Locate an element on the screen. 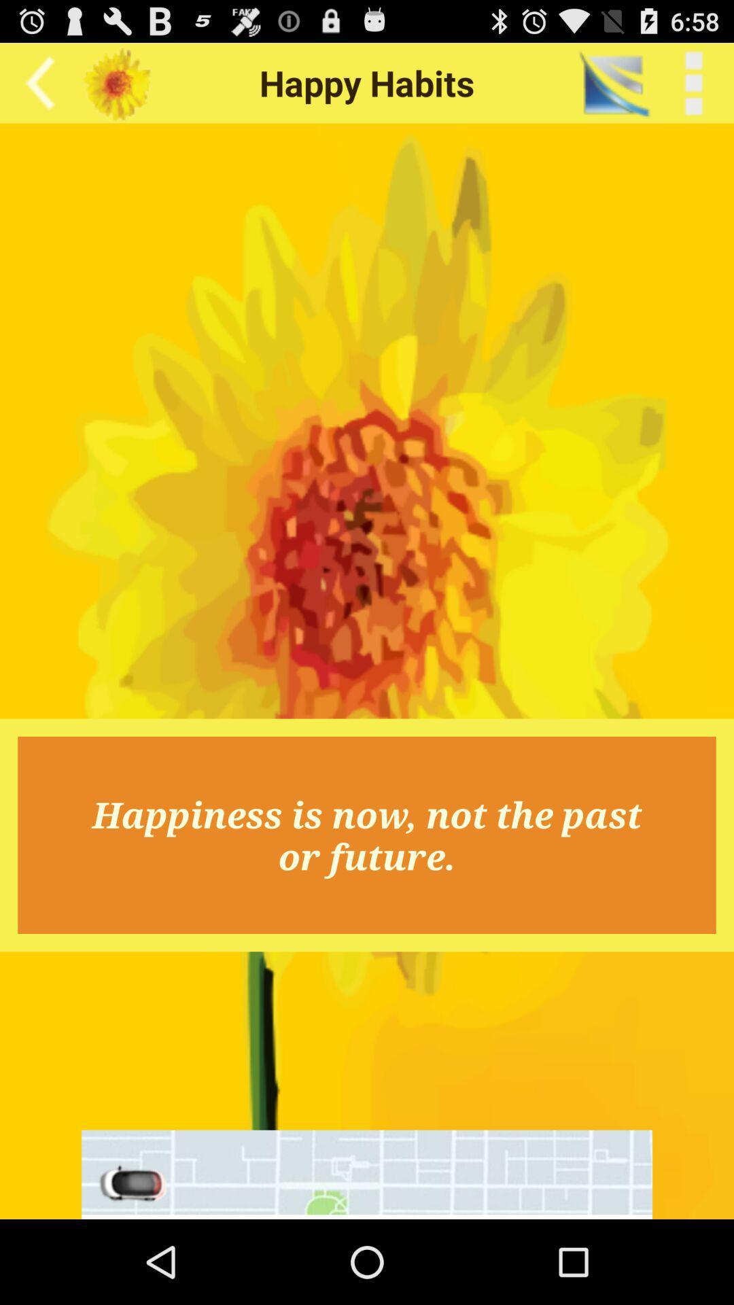 The image size is (734, 1305). advertisement page is located at coordinates (367, 1174).